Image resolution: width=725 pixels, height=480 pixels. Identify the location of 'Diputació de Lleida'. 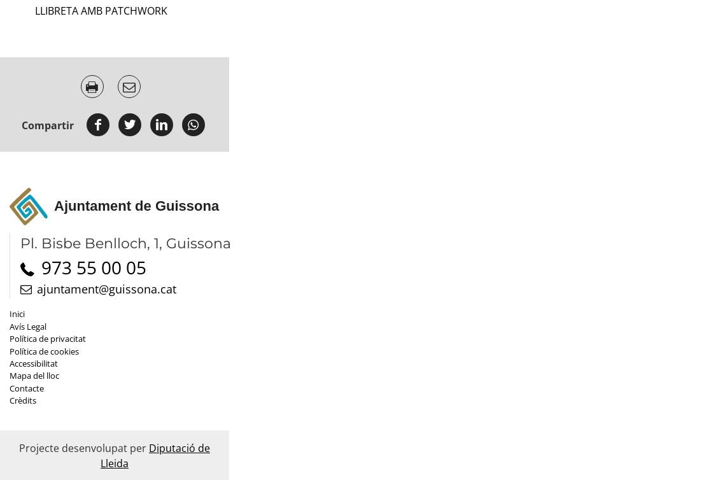
(154, 455).